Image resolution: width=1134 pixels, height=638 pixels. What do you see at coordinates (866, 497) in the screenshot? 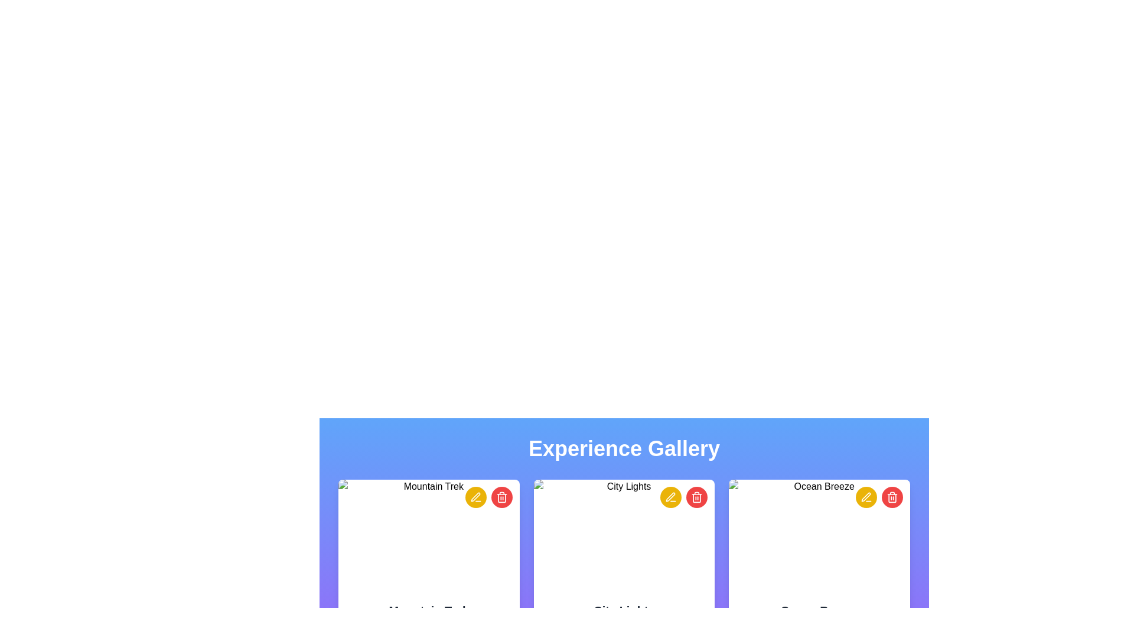
I see `the edit button located in the yellow circular area to the left of the red trash icon on the Ocean Breeze item card, which is in the third column under the Experience Gallery heading` at bounding box center [866, 497].